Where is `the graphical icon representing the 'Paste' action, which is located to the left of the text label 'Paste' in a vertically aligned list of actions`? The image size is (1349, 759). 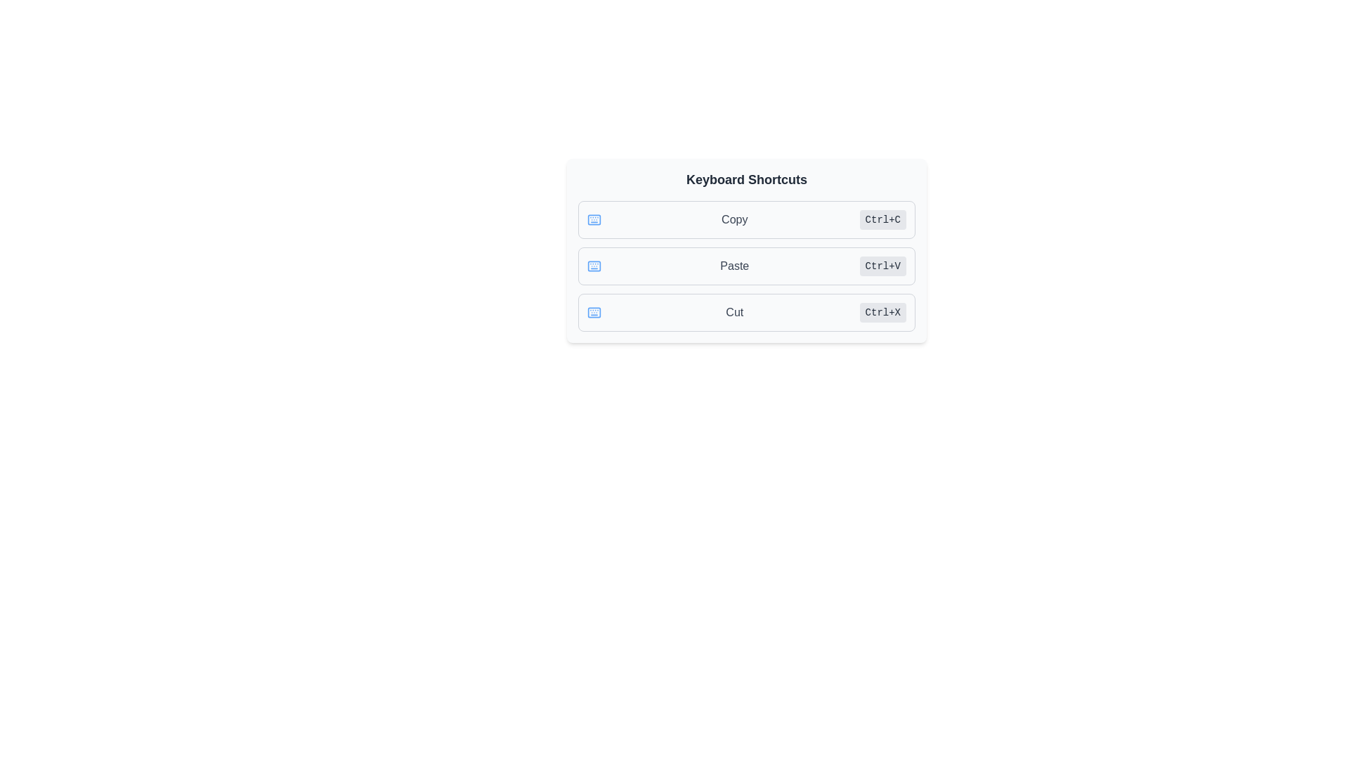 the graphical icon representing the 'Paste' action, which is located to the left of the text label 'Paste' in a vertically aligned list of actions is located at coordinates (594, 266).